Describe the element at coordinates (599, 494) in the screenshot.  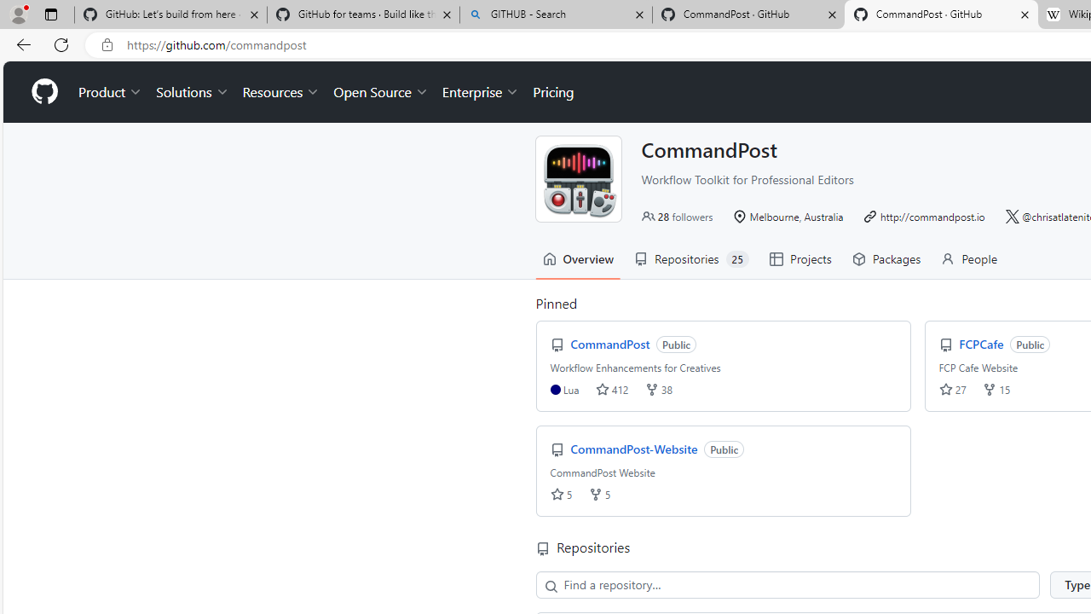
I see `'forks 5'` at that location.